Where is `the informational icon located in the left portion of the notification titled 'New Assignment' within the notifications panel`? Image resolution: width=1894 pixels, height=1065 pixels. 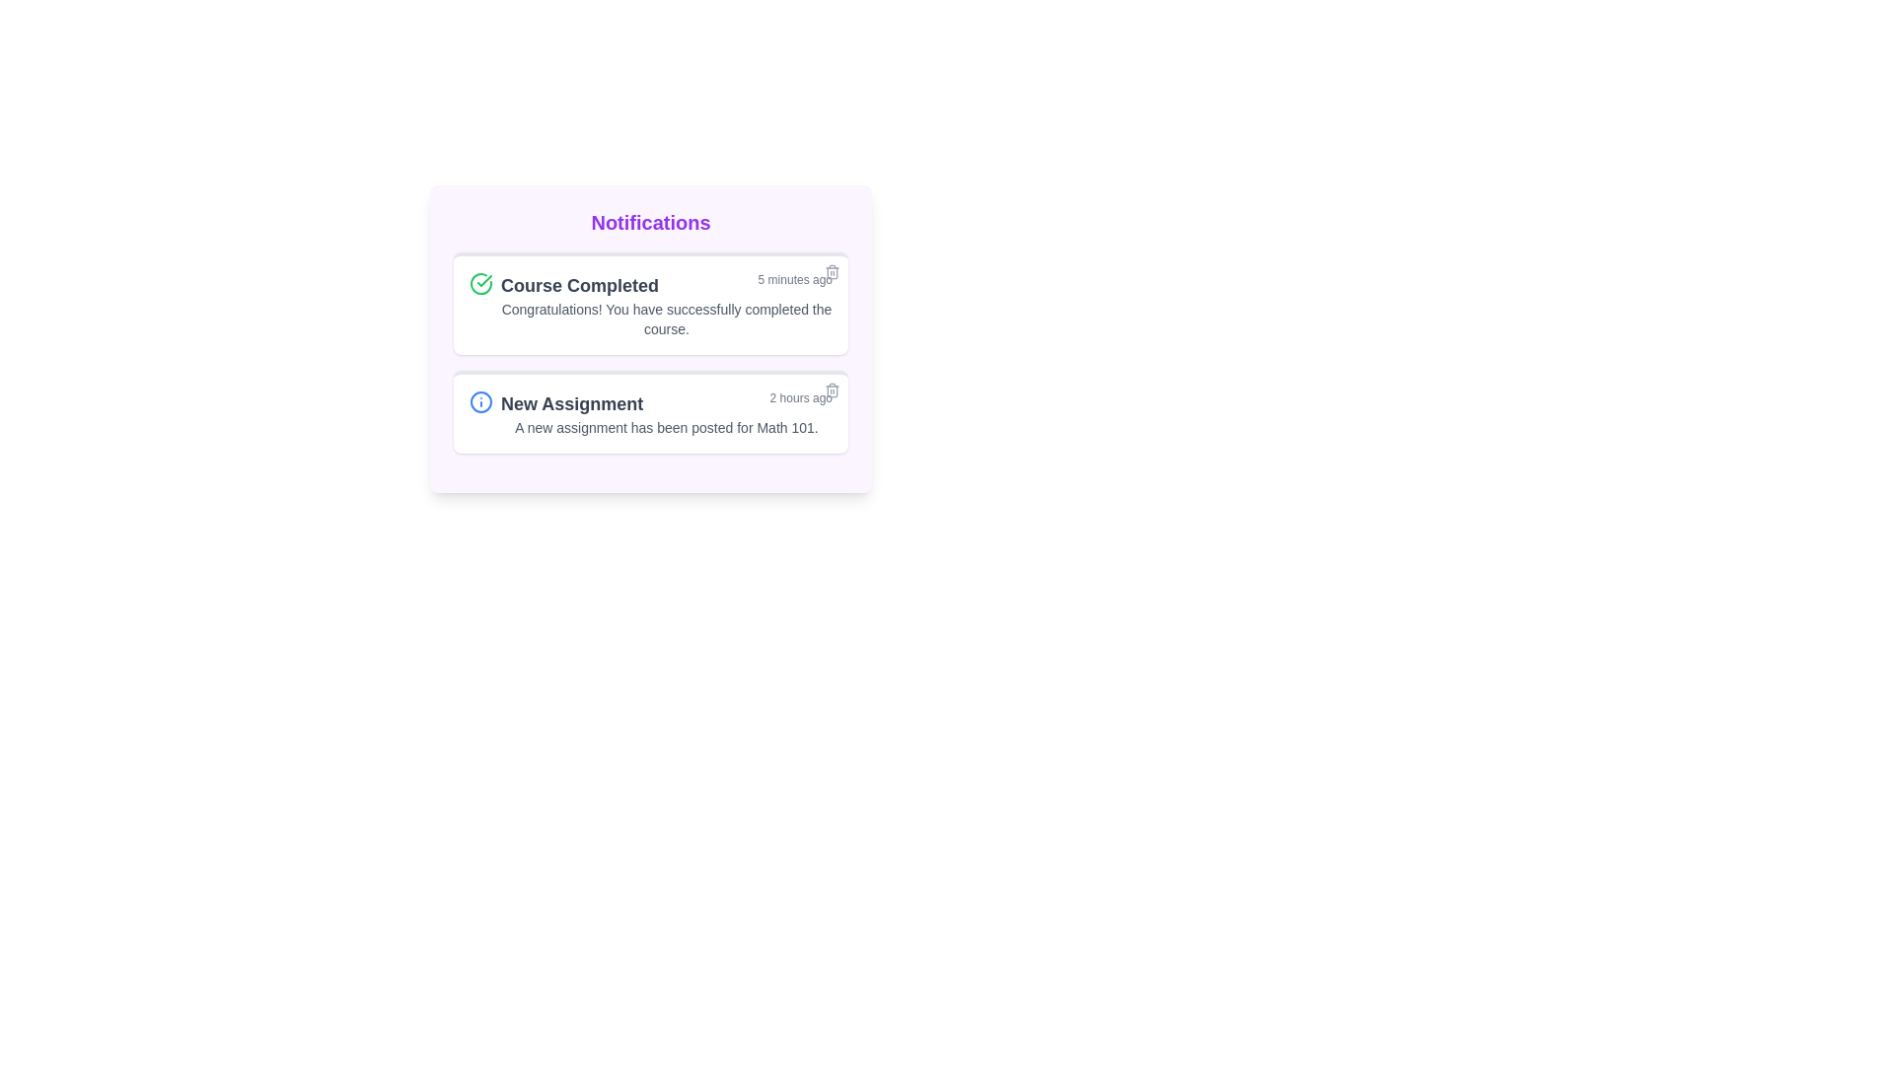 the informational icon located in the left portion of the notification titled 'New Assignment' within the notifications panel is located at coordinates (481, 401).